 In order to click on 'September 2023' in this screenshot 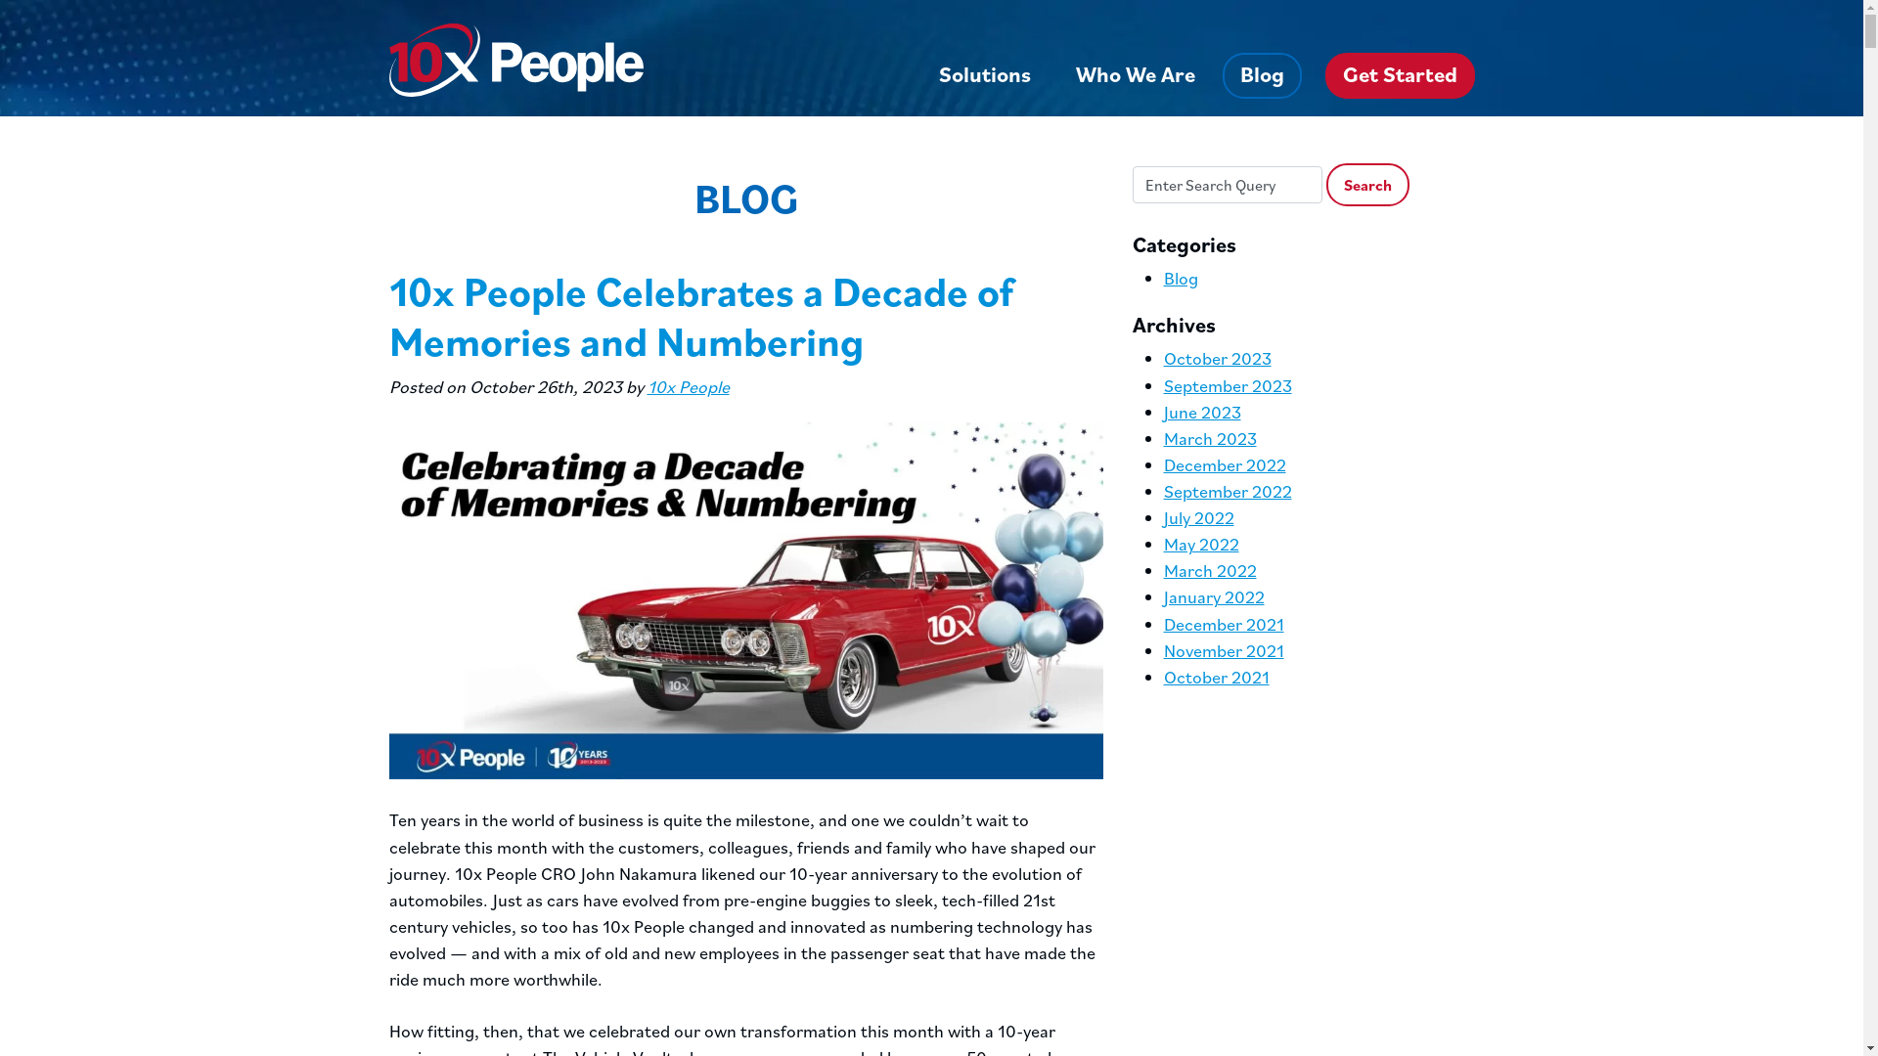, I will do `click(1164, 385)`.